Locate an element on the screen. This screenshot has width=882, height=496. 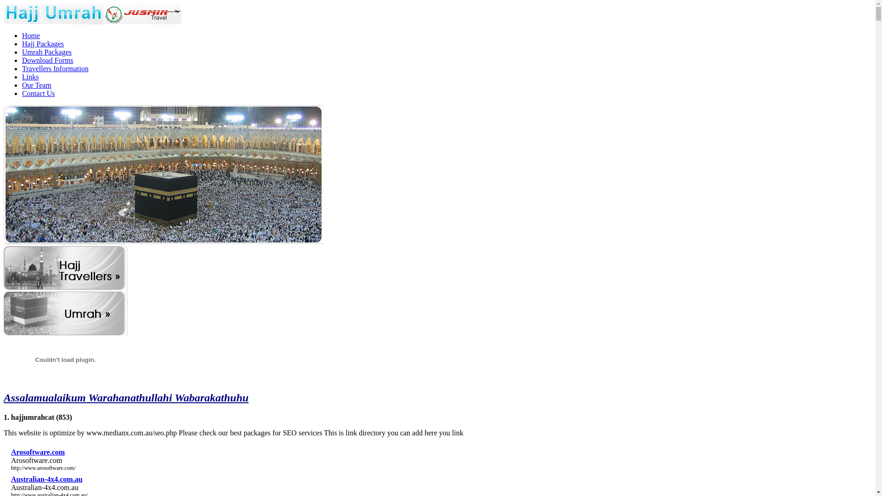
'Sound' is located at coordinates (65, 359).